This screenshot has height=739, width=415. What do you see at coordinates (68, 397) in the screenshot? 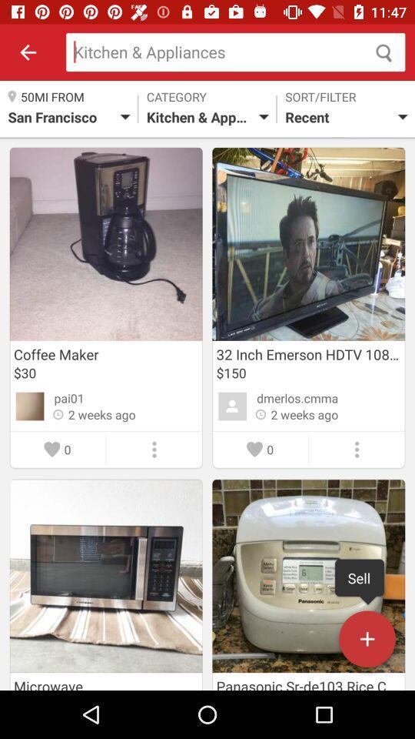
I see `pai01` at bounding box center [68, 397].